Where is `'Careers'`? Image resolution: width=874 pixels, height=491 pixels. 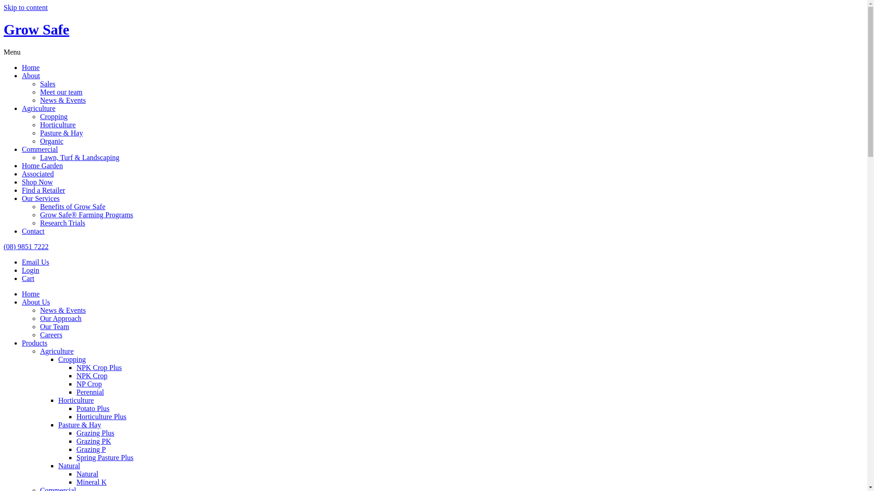 'Careers' is located at coordinates (51, 335).